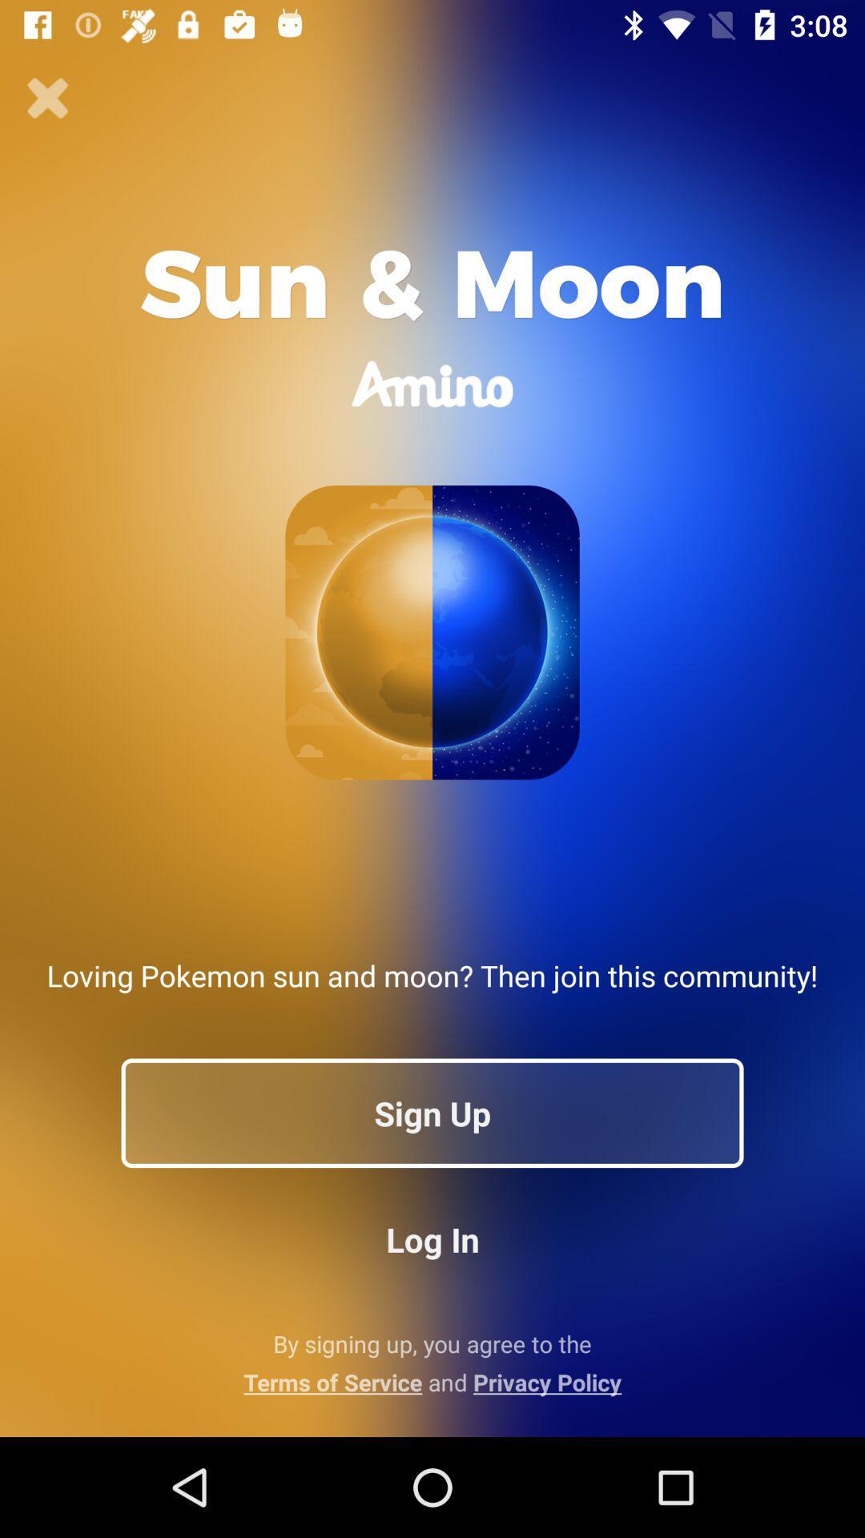  Describe the element at coordinates (432, 1112) in the screenshot. I see `the sign up item` at that location.